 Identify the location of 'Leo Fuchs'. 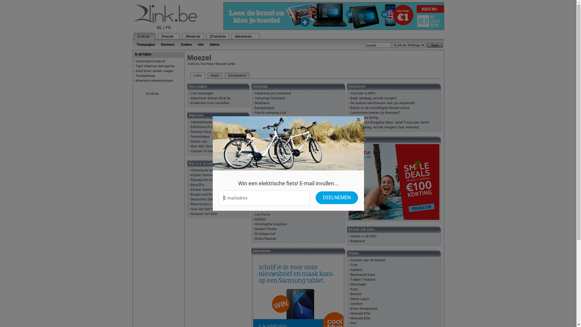
(254, 214).